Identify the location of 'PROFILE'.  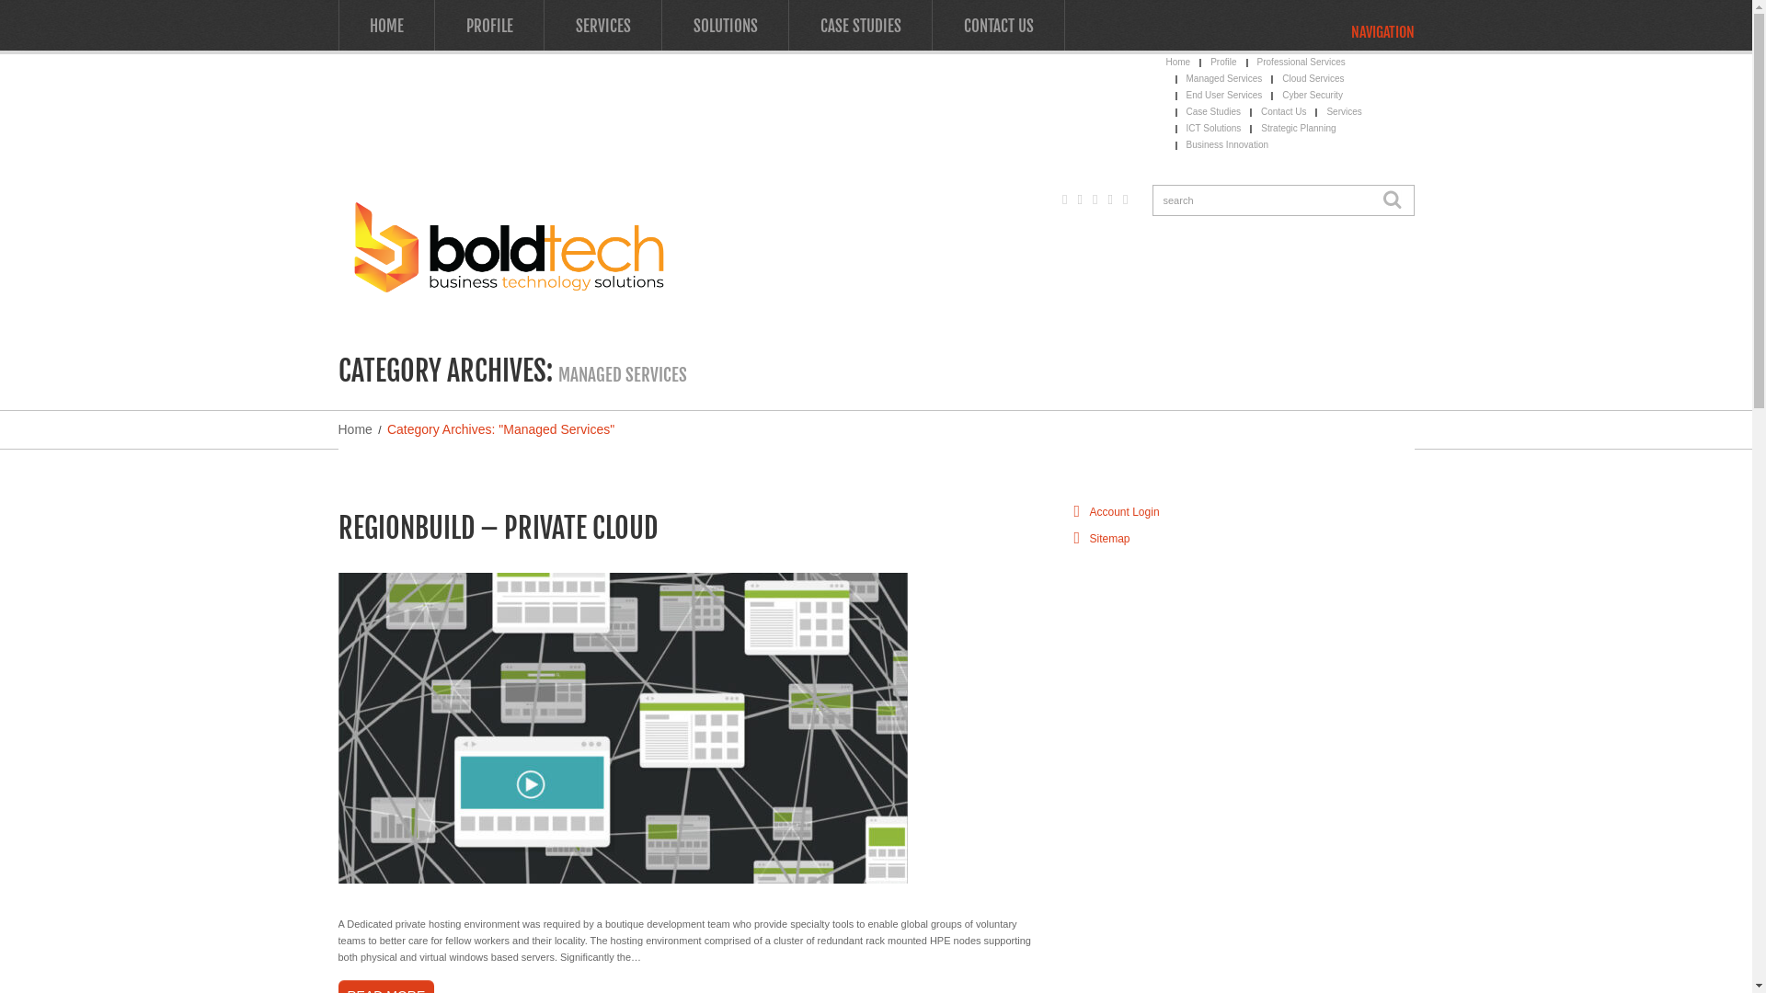
(432, 25).